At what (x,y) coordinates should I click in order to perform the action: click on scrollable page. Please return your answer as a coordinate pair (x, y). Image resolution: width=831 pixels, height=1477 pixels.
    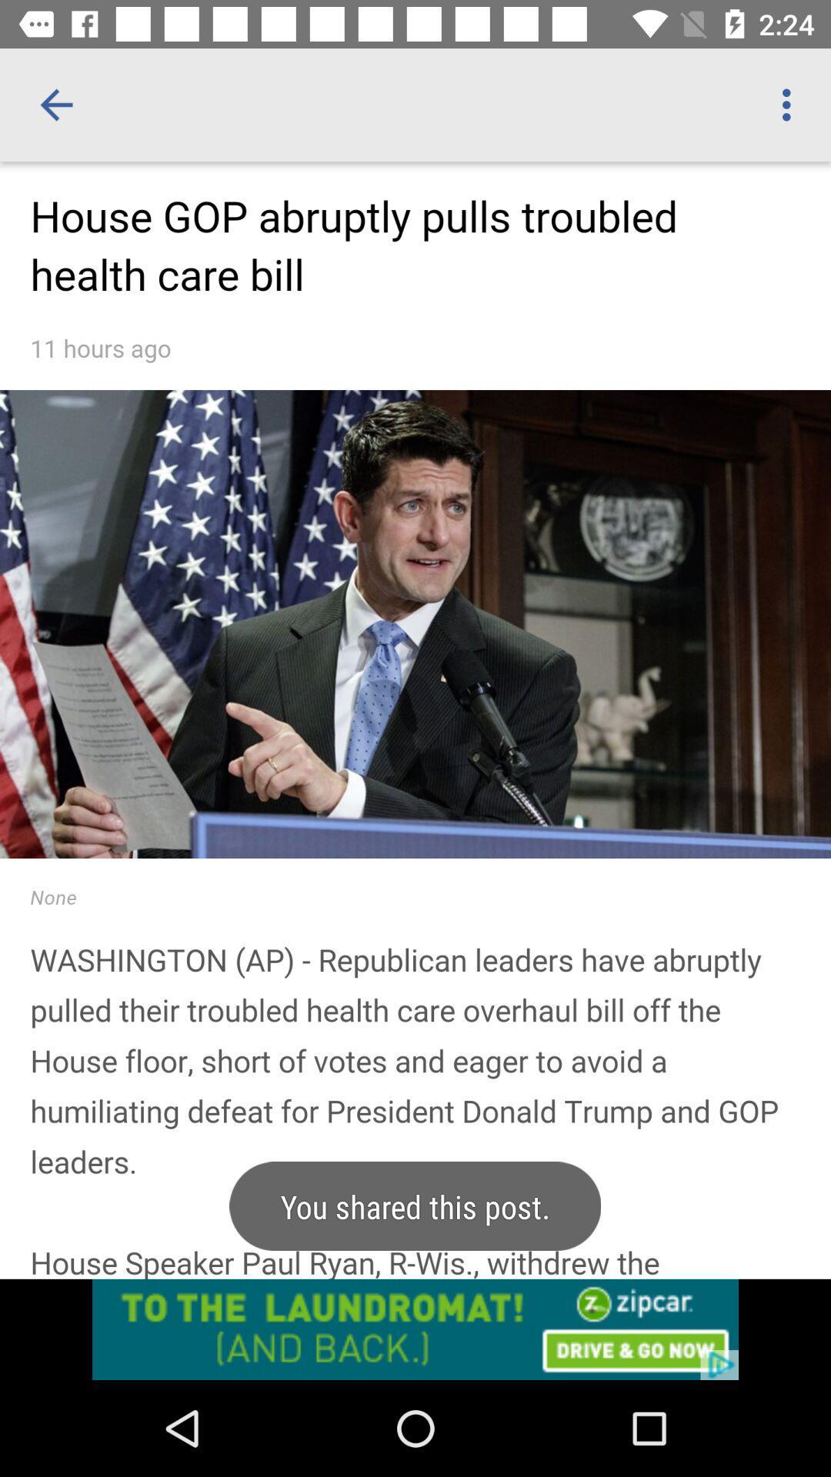
    Looking at the image, I should click on (415, 771).